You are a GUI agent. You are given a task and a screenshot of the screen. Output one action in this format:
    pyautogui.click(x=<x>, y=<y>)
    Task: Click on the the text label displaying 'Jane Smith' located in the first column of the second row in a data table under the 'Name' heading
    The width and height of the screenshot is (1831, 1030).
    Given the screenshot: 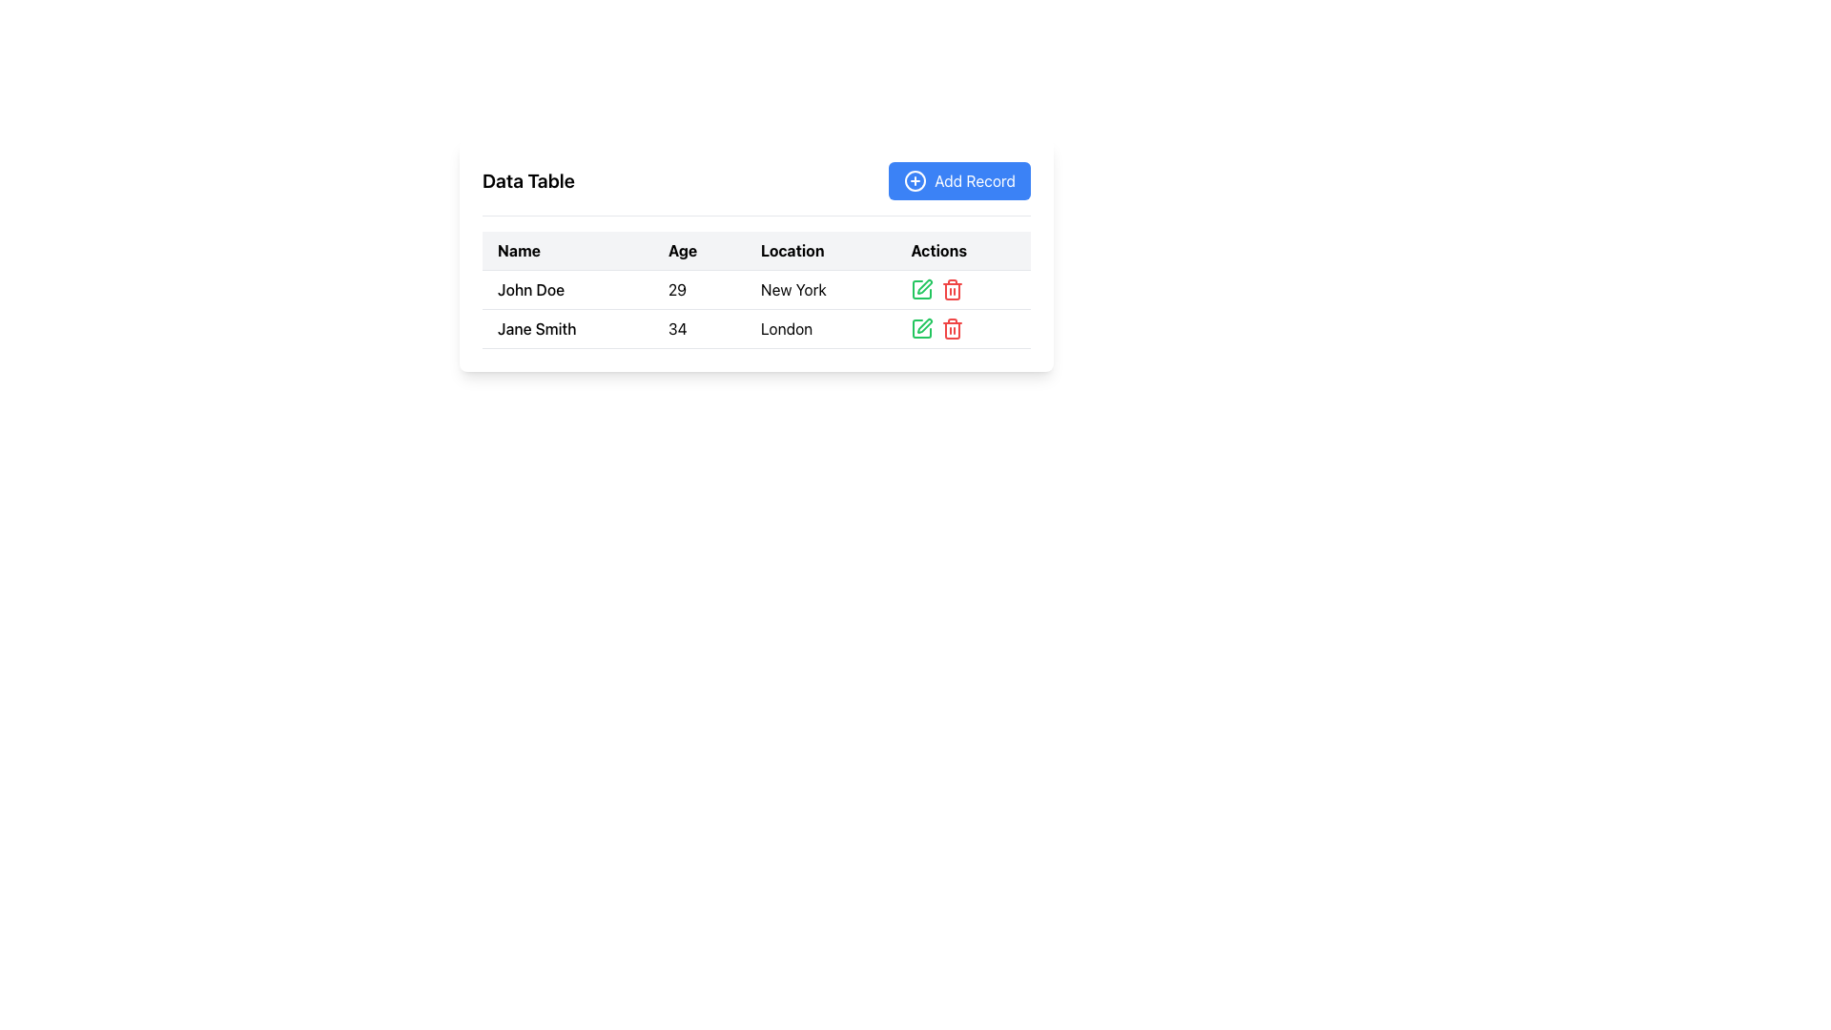 What is the action you would take?
    pyautogui.click(x=566, y=327)
    